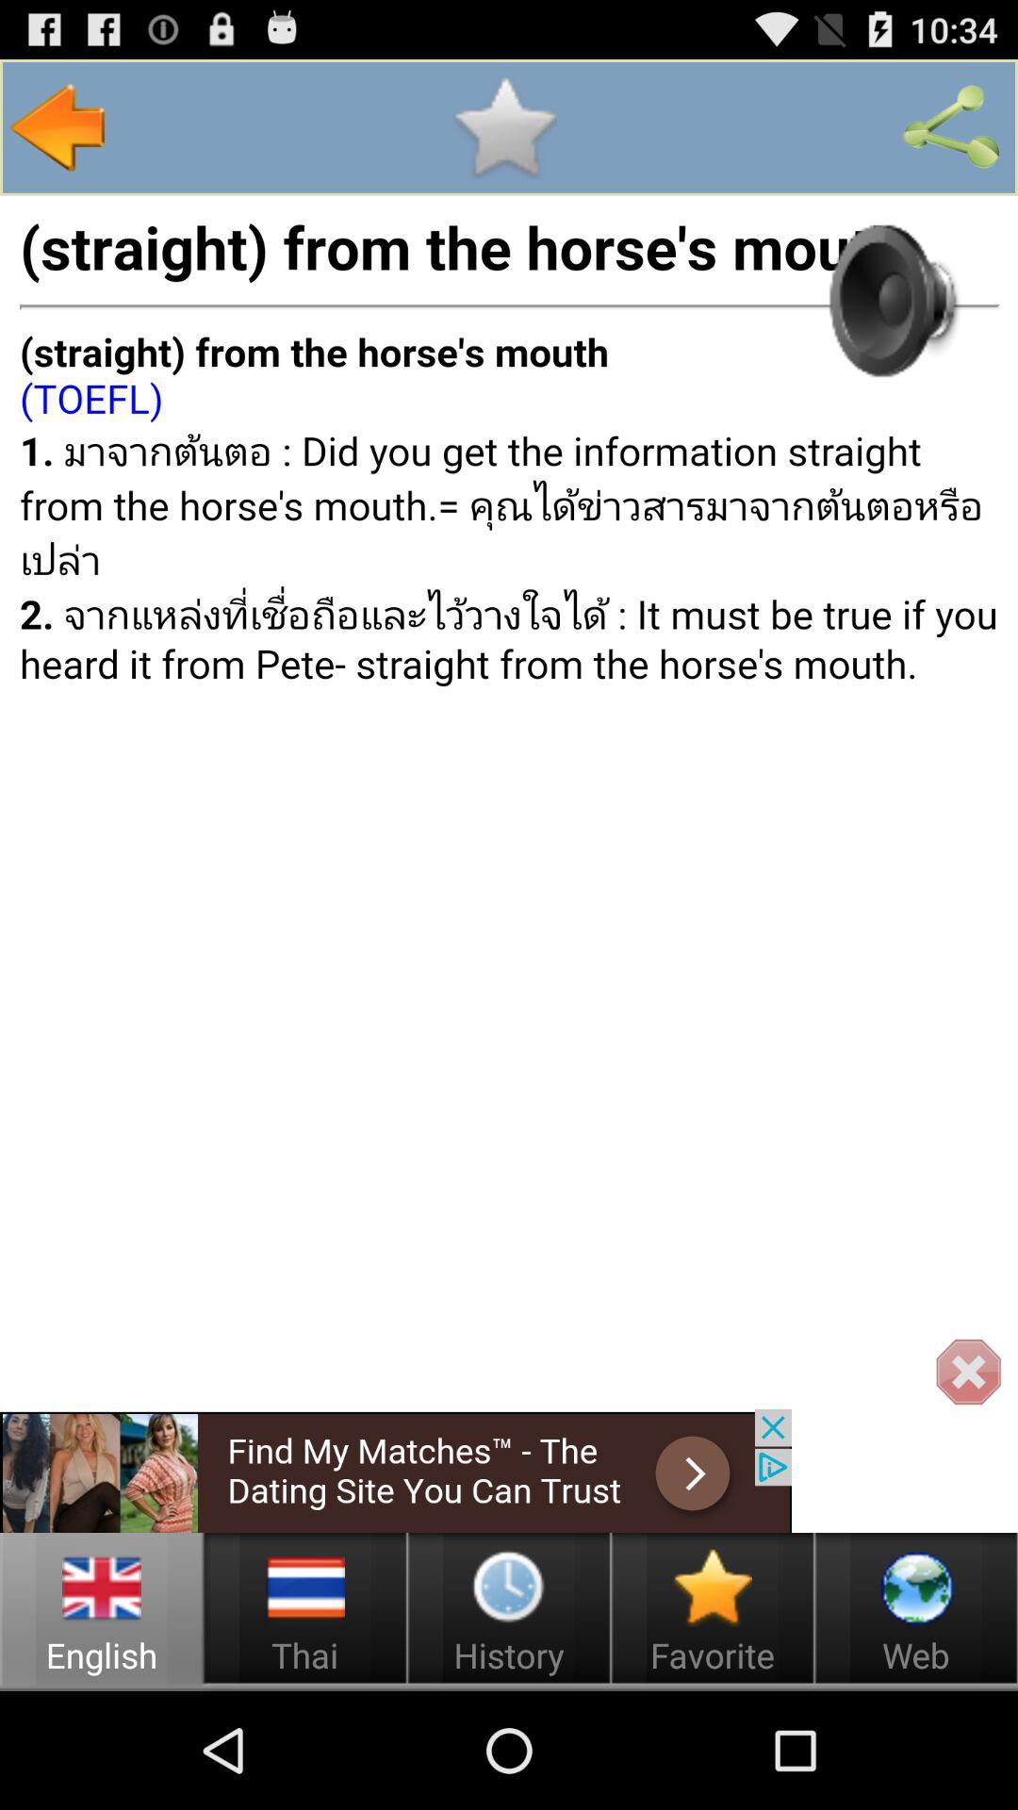  I want to click on go back, so click(57, 126).